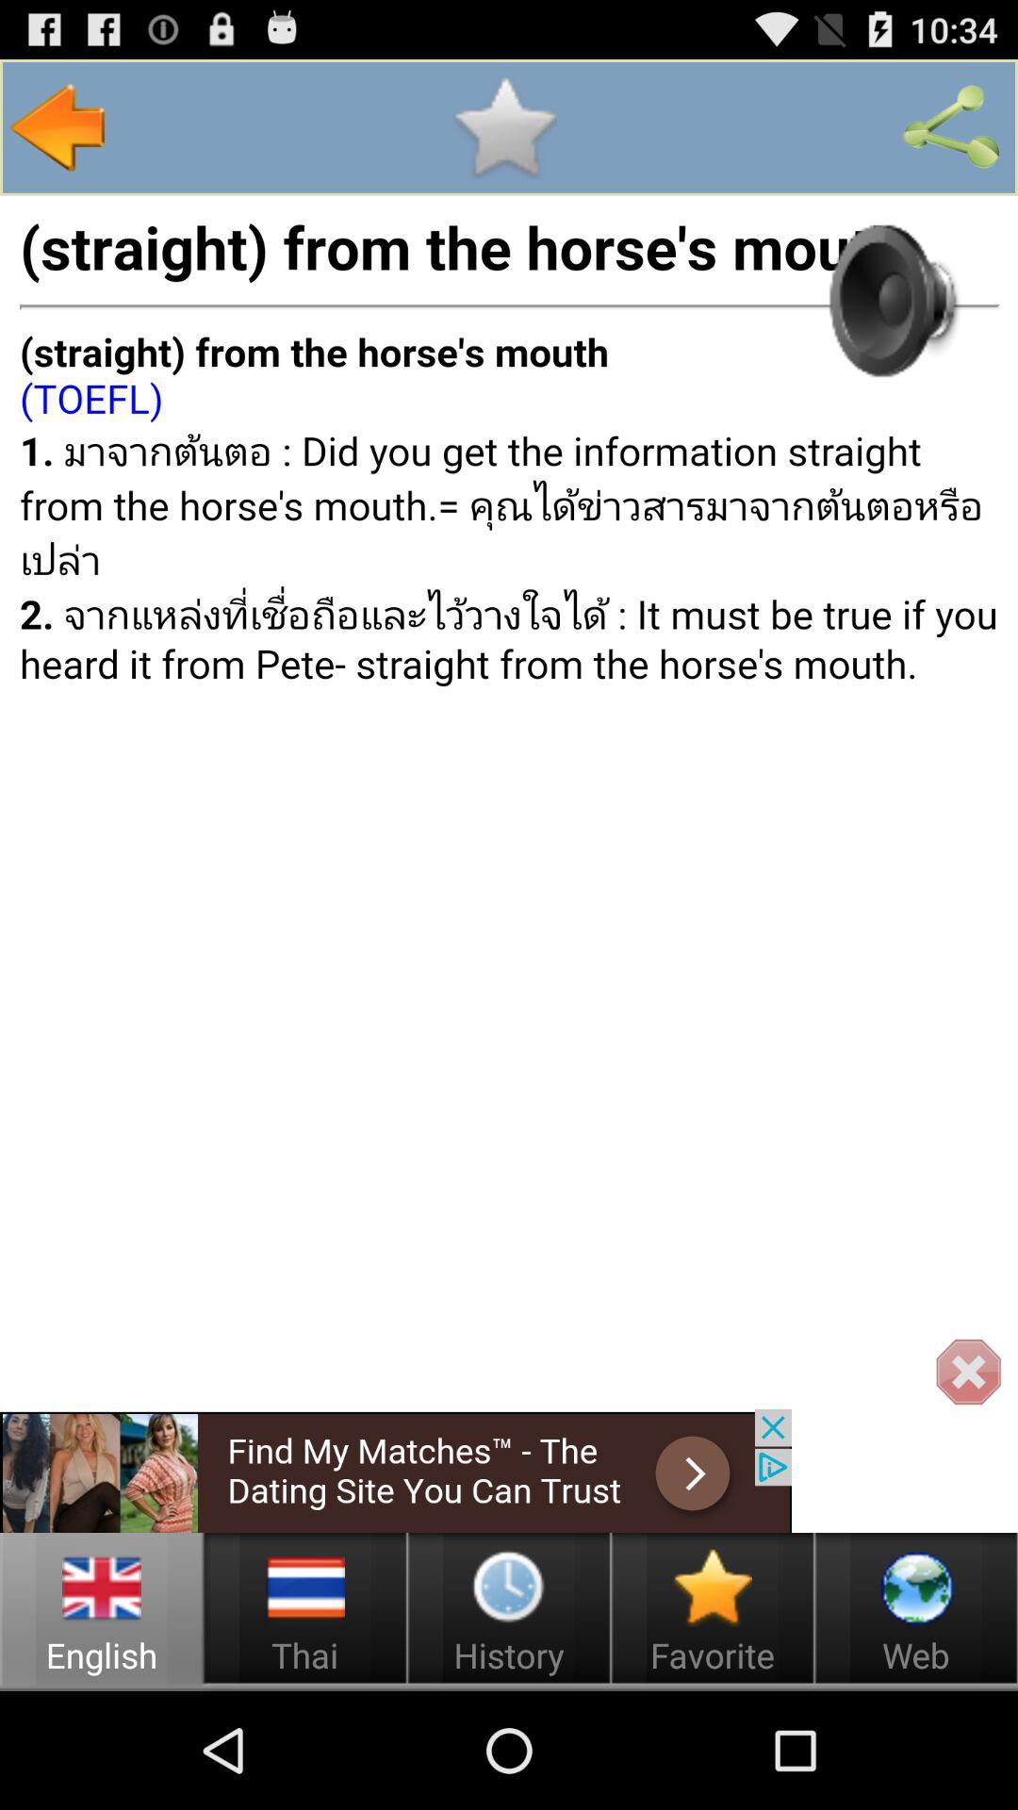  I want to click on go back, so click(57, 126).